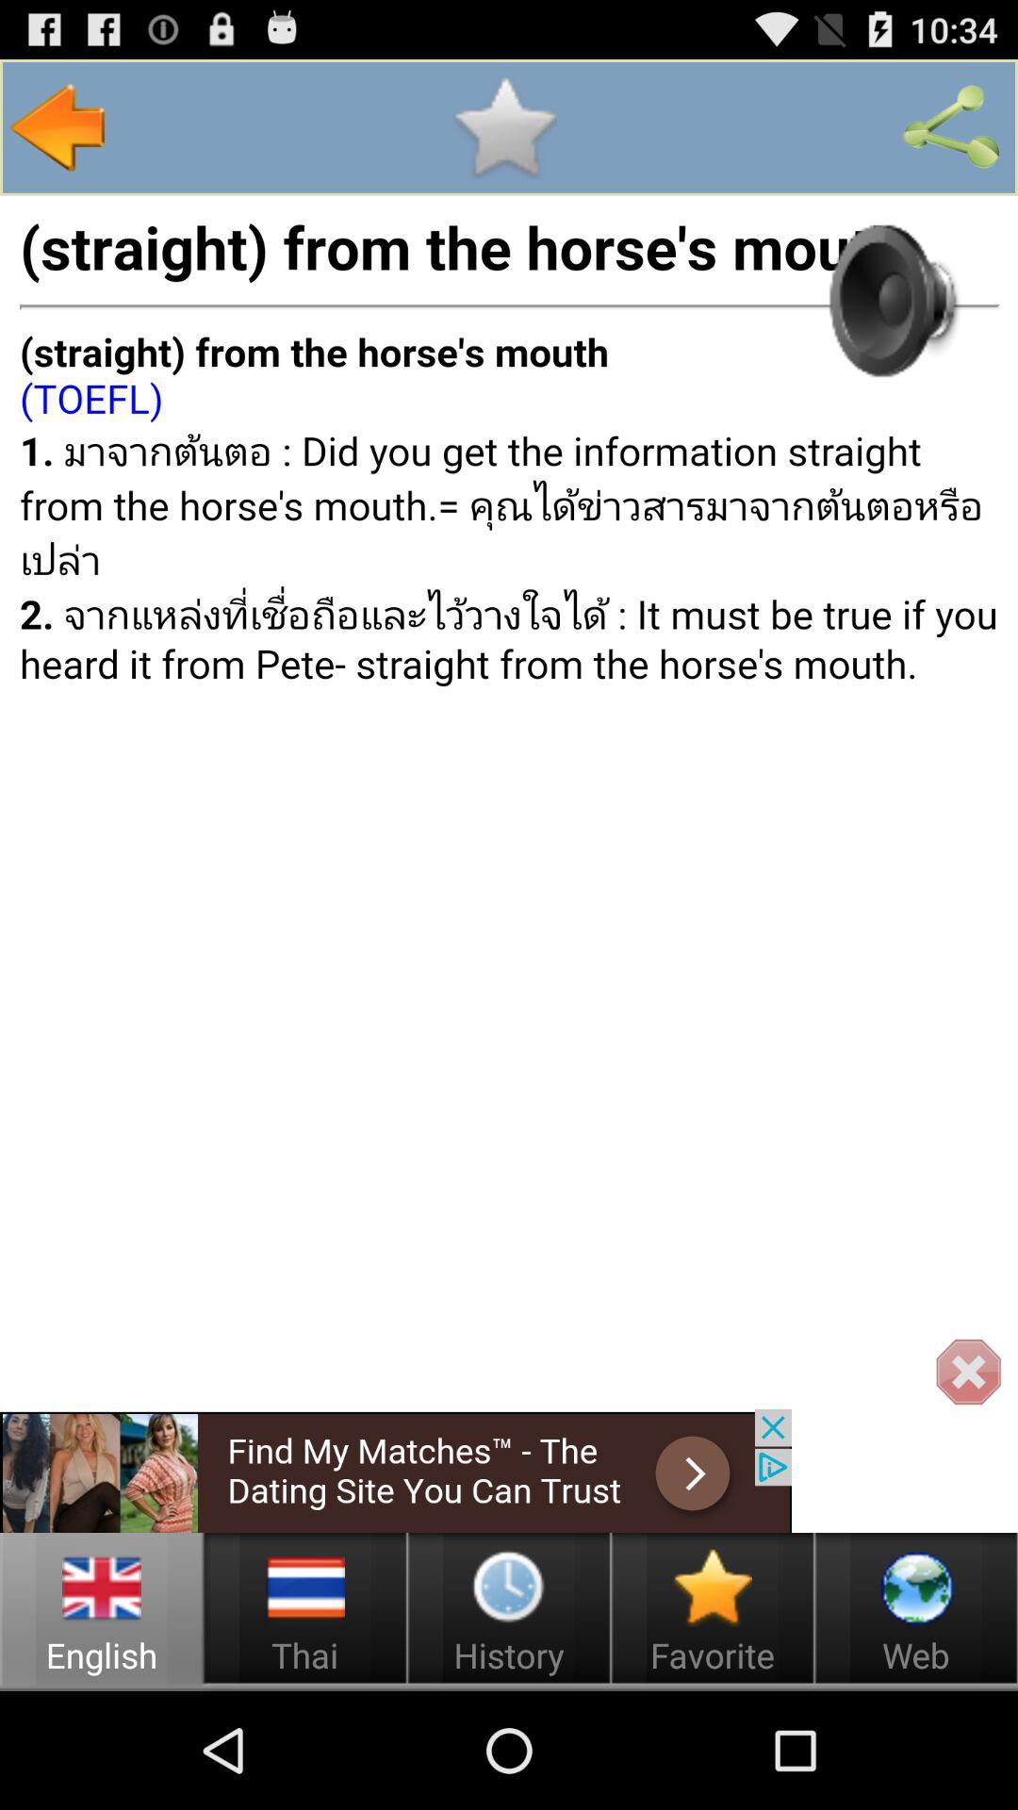  I want to click on go back, so click(57, 126).